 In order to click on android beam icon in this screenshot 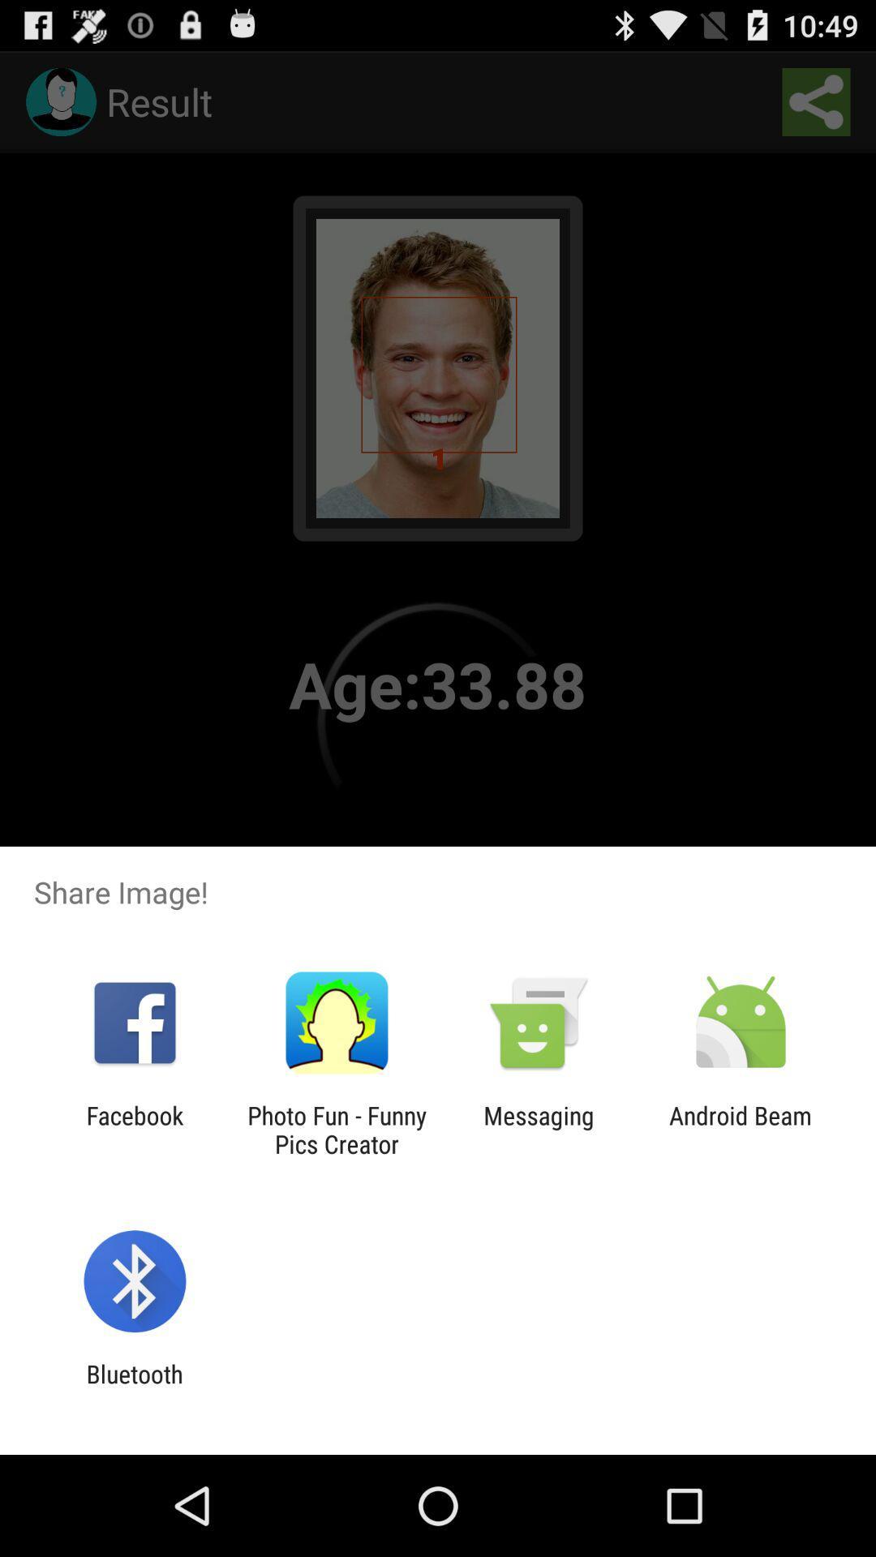, I will do `click(741, 1129)`.